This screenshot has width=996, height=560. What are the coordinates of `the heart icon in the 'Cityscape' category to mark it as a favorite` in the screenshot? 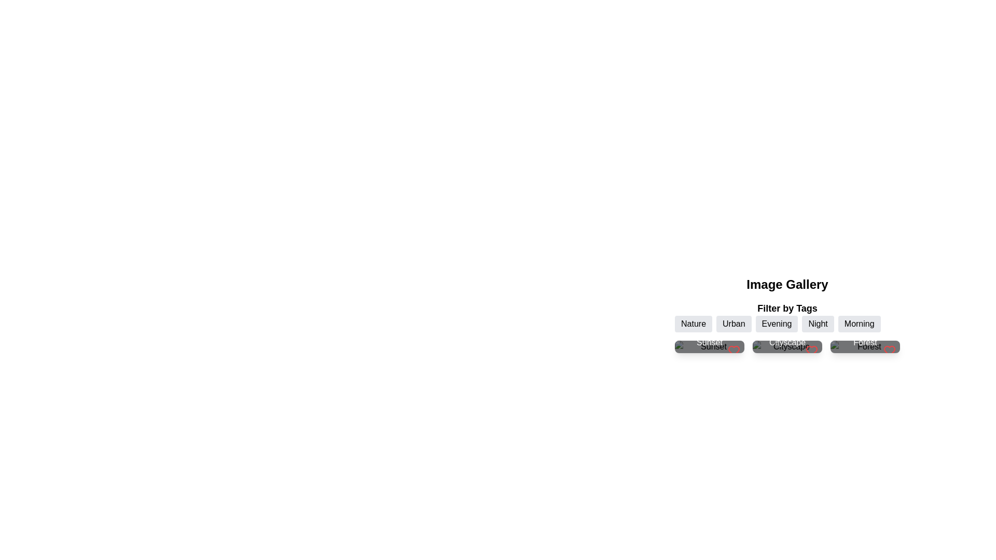 It's located at (811, 351).